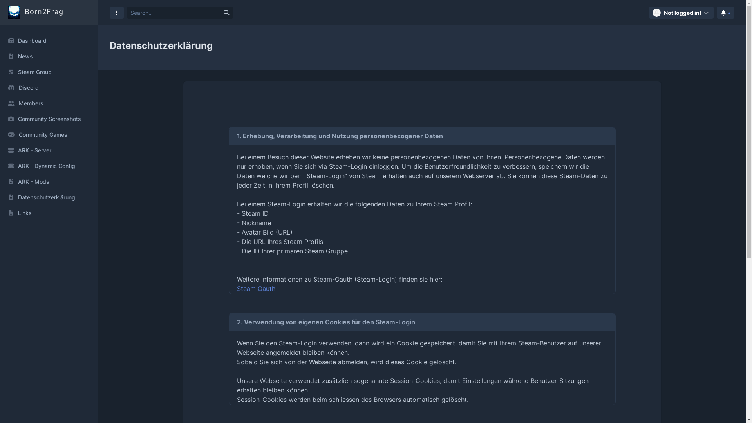  Describe the element at coordinates (48, 103) in the screenshot. I see `'Members'` at that location.